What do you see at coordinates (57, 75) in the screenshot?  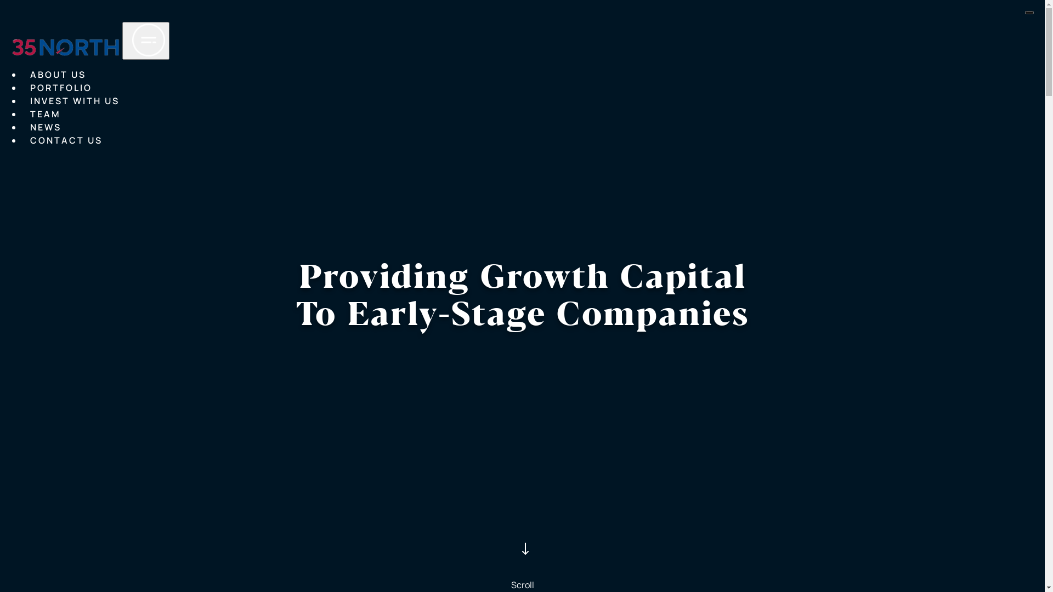 I see `'ABOUT US'` at bounding box center [57, 75].